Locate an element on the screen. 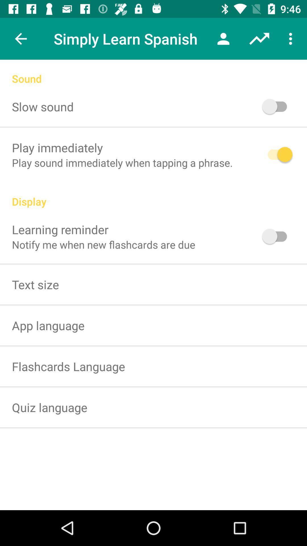 The height and width of the screenshot is (546, 307). the display icon is located at coordinates (153, 195).